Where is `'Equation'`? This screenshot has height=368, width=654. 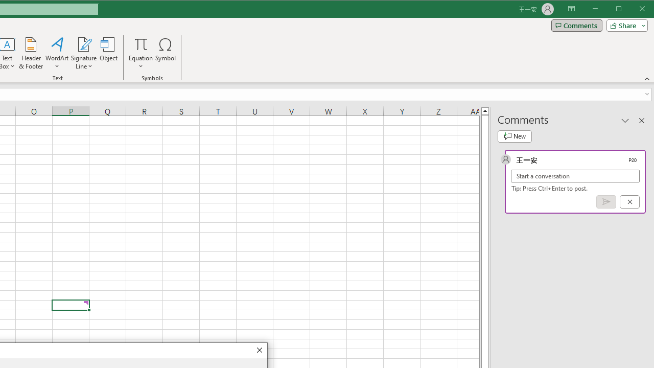
'Equation' is located at coordinates (140, 53).